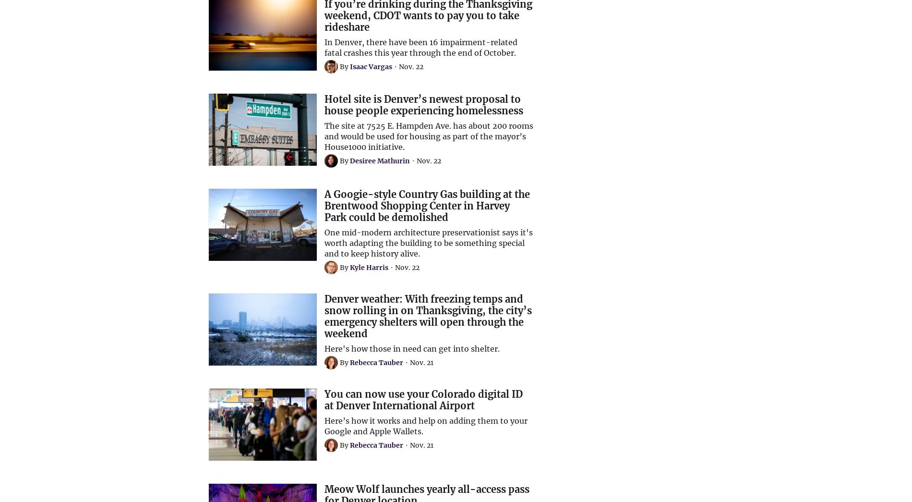  Describe the element at coordinates (420, 47) in the screenshot. I see `'In Denver, there have been 16 impairment-related fatal crashes this year through the end of October.'` at that location.